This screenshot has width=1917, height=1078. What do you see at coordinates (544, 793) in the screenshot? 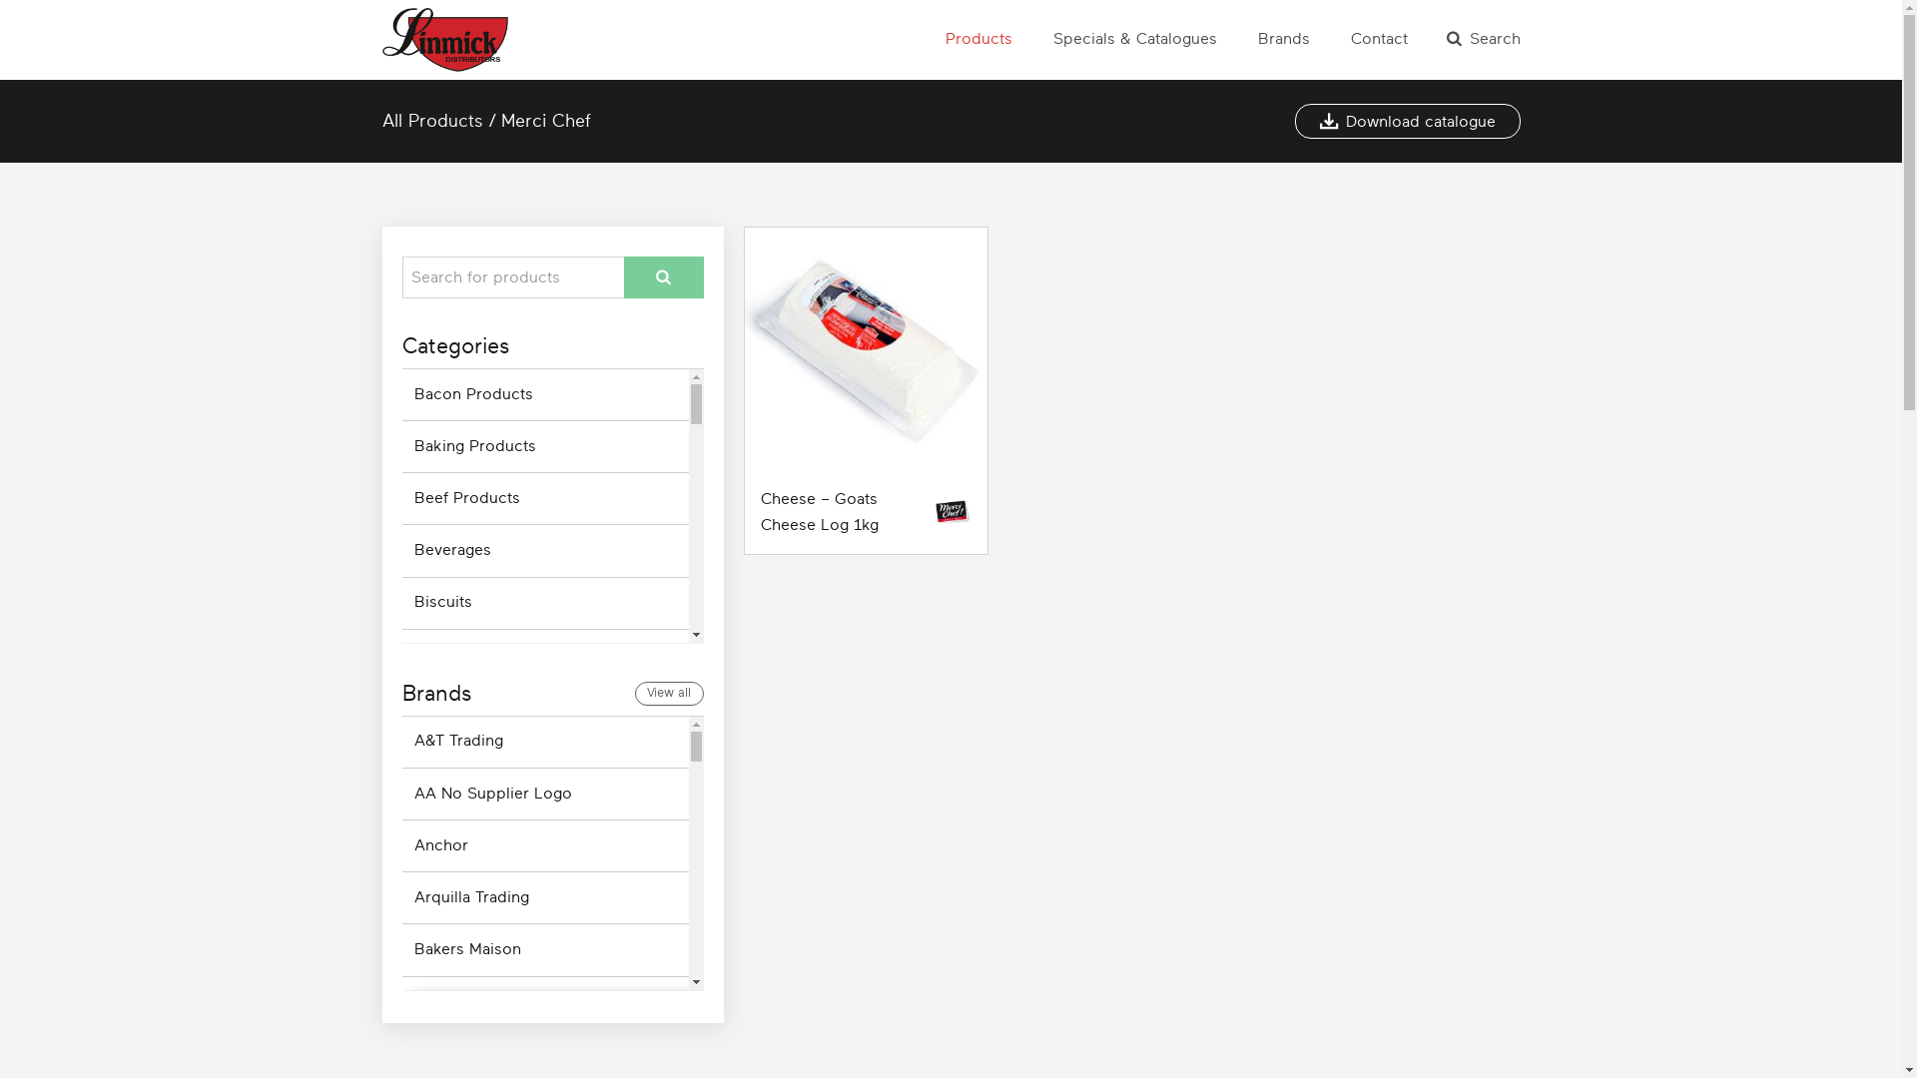
I see `'AA No Supplier Logo'` at bounding box center [544, 793].